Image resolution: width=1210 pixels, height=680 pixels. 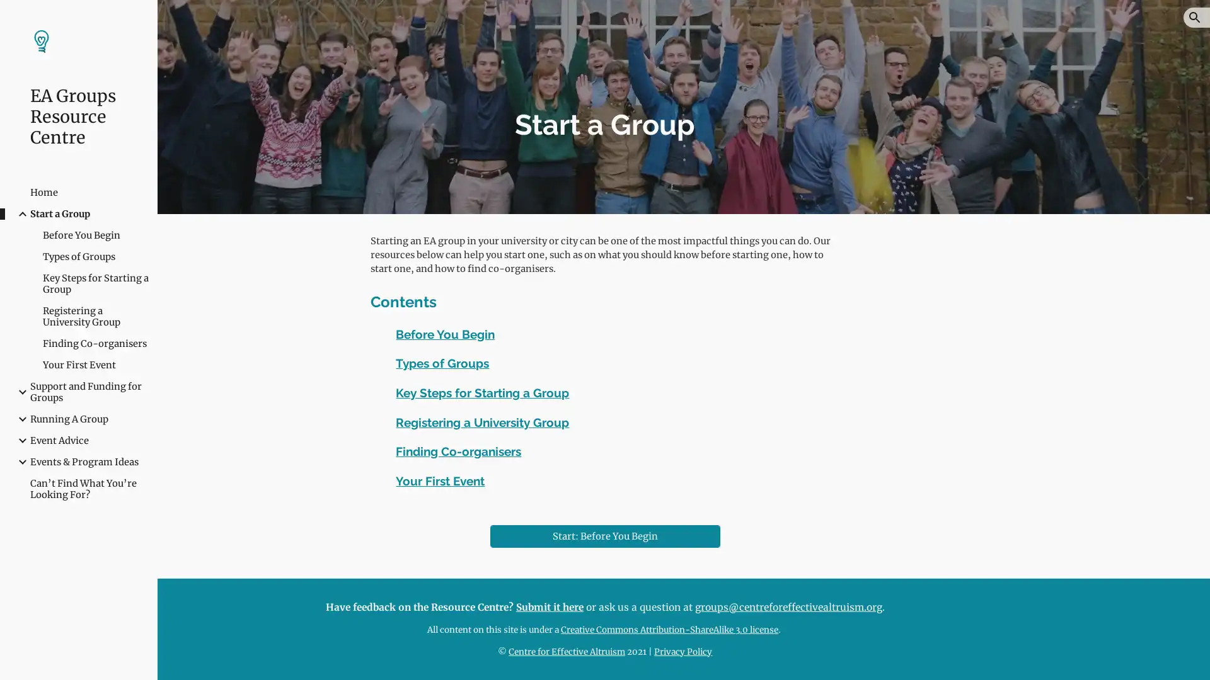 What do you see at coordinates (718, 23) in the screenshot?
I see `Skip to navigation` at bounding box center [718, 23].